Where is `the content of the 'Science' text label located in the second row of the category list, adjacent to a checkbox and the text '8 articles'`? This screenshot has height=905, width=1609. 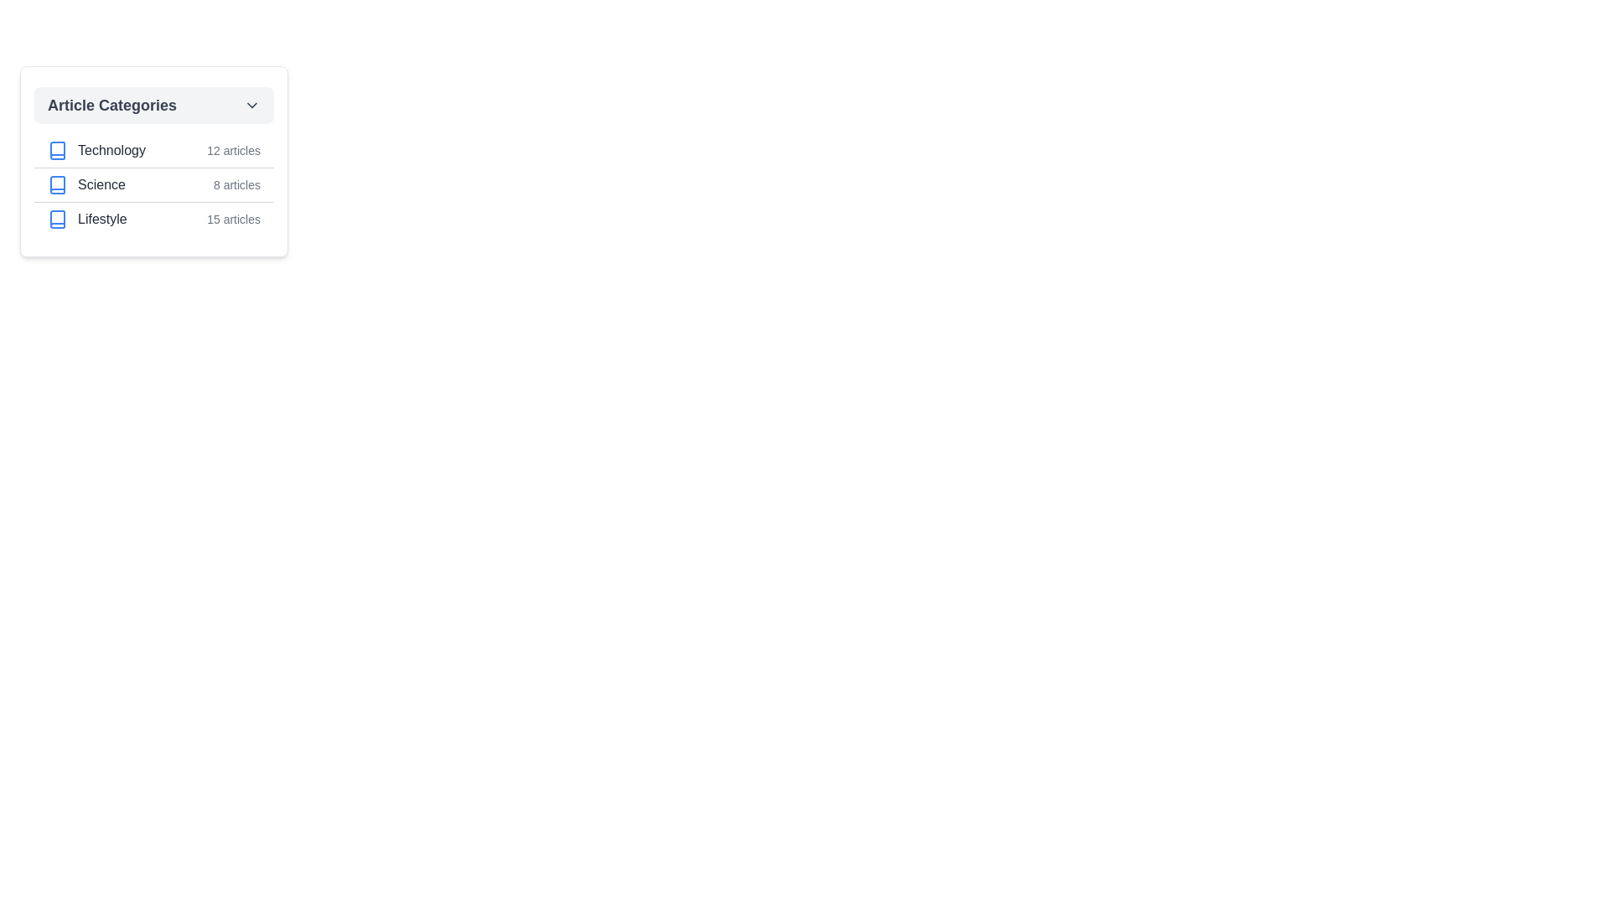 the content of the 'Science' text label located in the second row of the category list, adjacent to a checkbox and the text '8 articles' is located at coordinates (101, 184).